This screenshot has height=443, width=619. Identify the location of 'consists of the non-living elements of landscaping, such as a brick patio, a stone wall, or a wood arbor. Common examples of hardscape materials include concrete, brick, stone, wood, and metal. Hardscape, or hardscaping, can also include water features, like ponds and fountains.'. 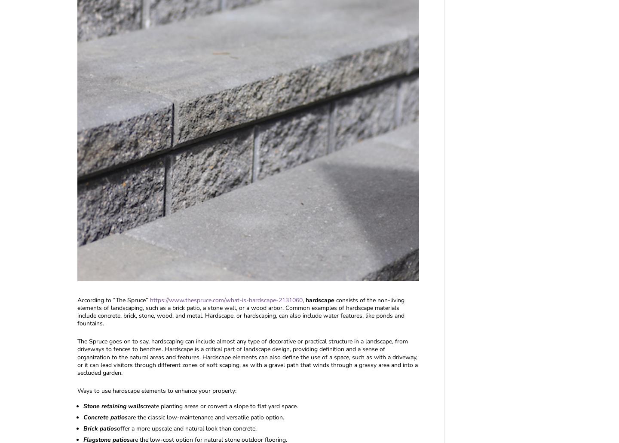
(77, 311).